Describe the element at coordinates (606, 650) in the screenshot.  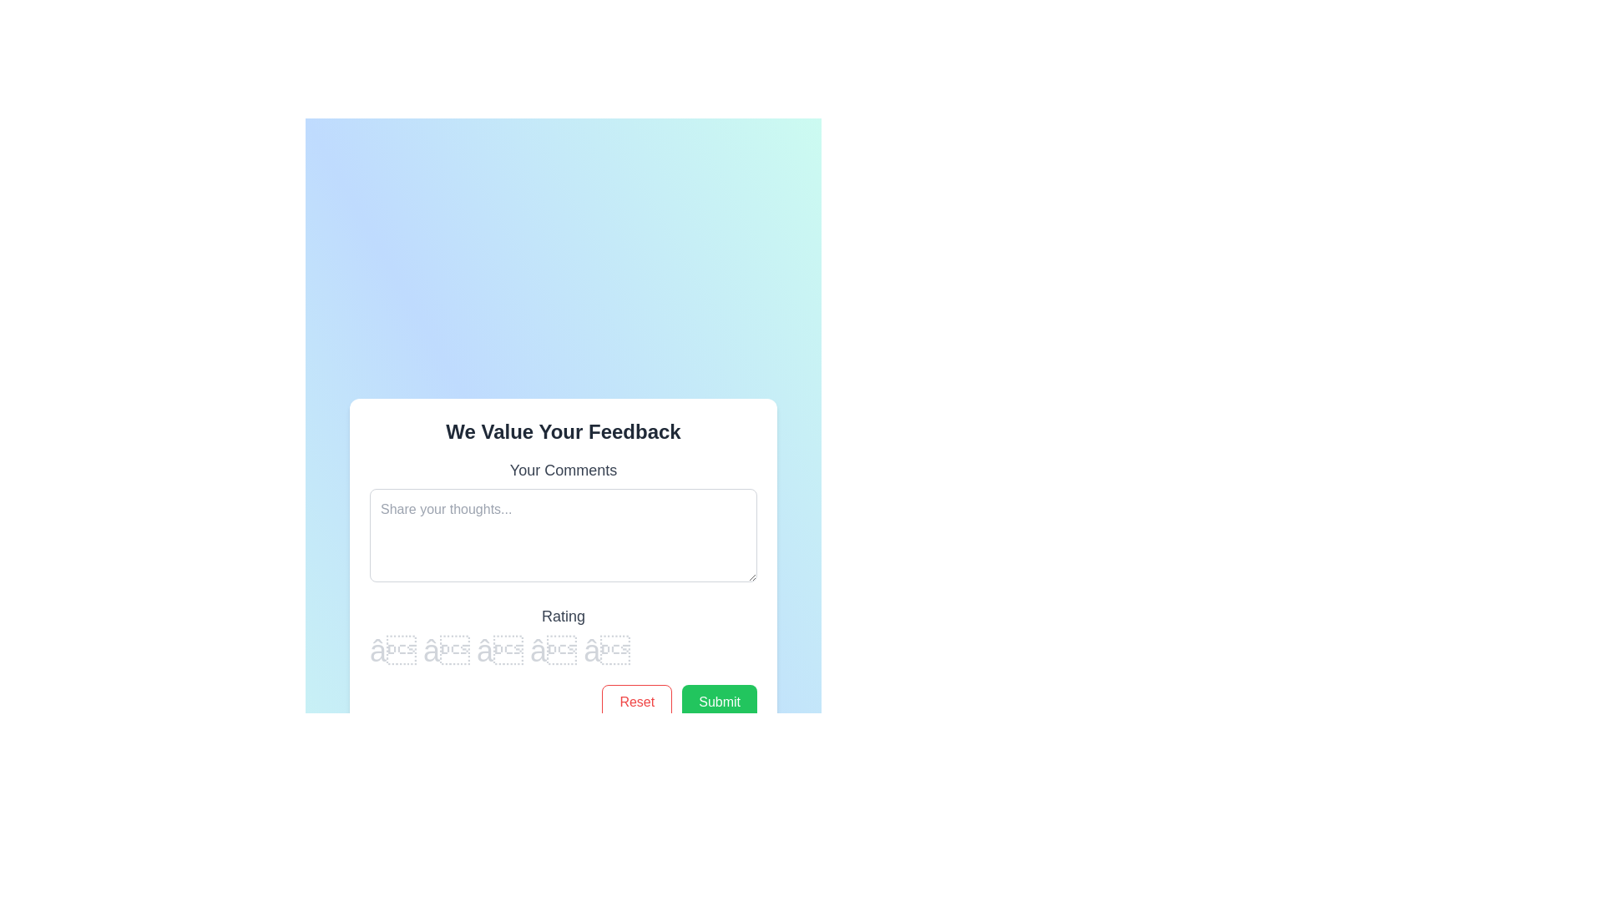
I see `the fifth star icon in the 'Rating' section to register a 5-star rating` at that location.